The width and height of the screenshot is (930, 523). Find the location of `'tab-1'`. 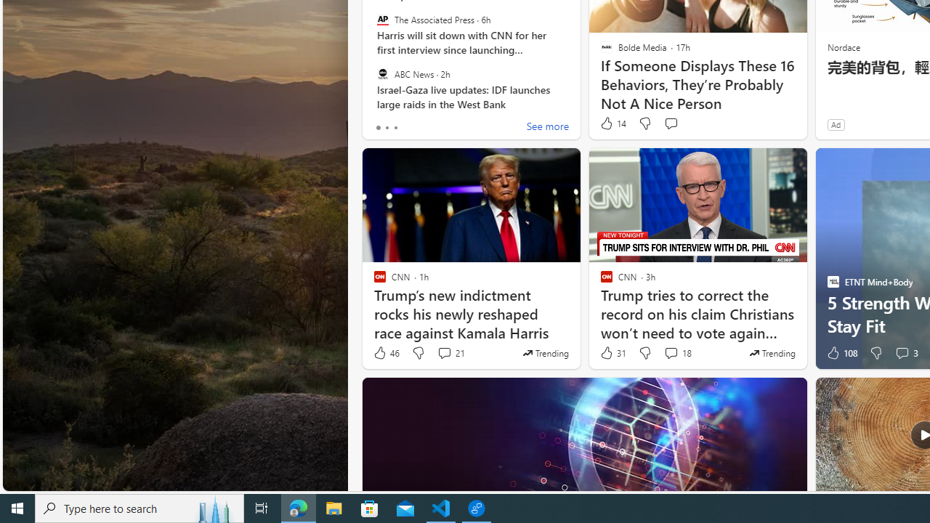

'tab-1' is located at coordinates (387, 127).